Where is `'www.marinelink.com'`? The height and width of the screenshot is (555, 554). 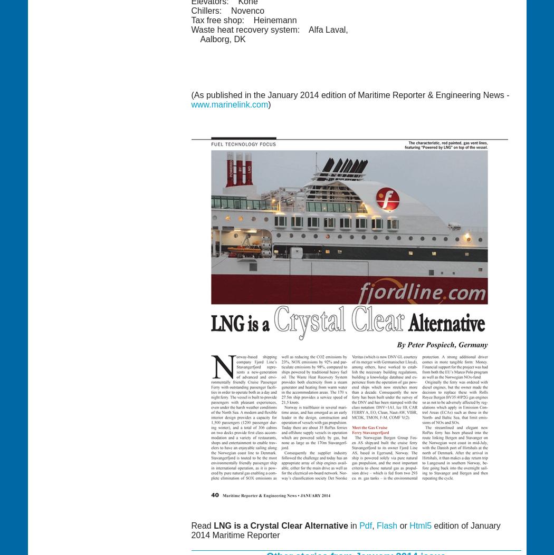
'www.marinelink.com' is located at coordinates (229, 104).